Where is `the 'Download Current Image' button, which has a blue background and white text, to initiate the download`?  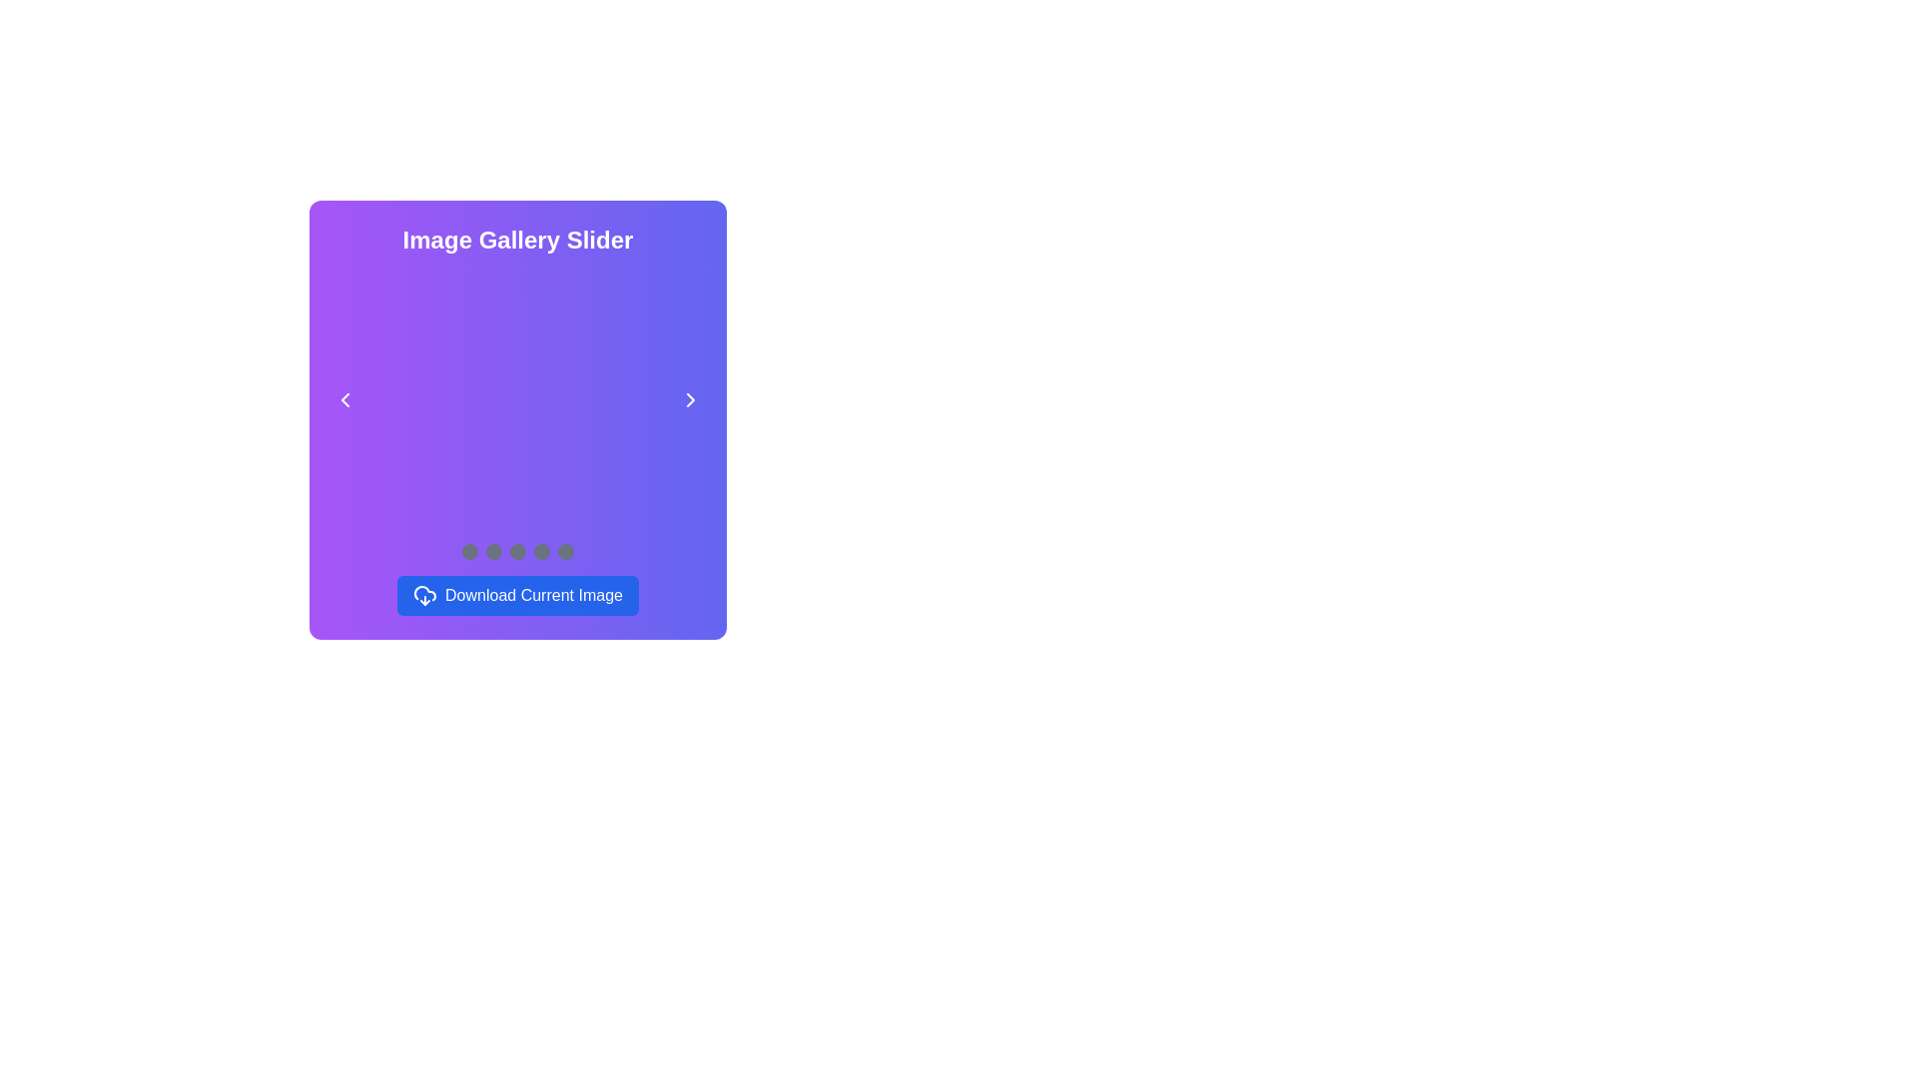
the 'Download Current Image' button, which has a blue background and white text, to initiate the download is located at coordinates (517, 595).